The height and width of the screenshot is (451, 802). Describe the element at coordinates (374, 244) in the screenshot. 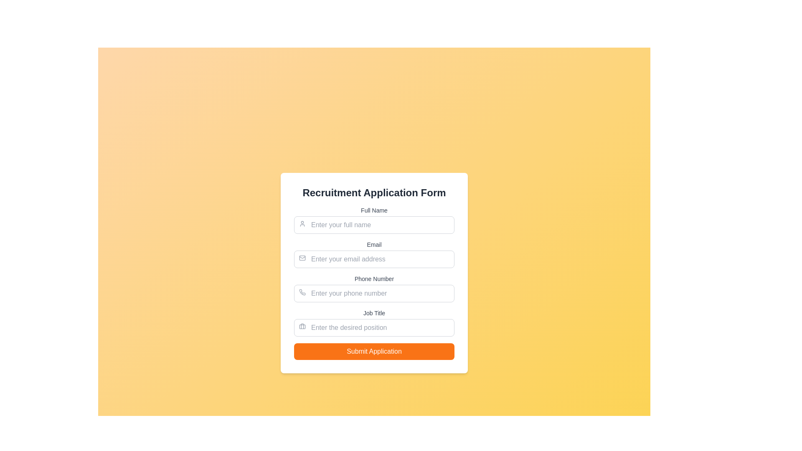

I see `the label that describes the purpose of the email input field in the Recruitment Application Form, which is centered above the email address input field` at that location.